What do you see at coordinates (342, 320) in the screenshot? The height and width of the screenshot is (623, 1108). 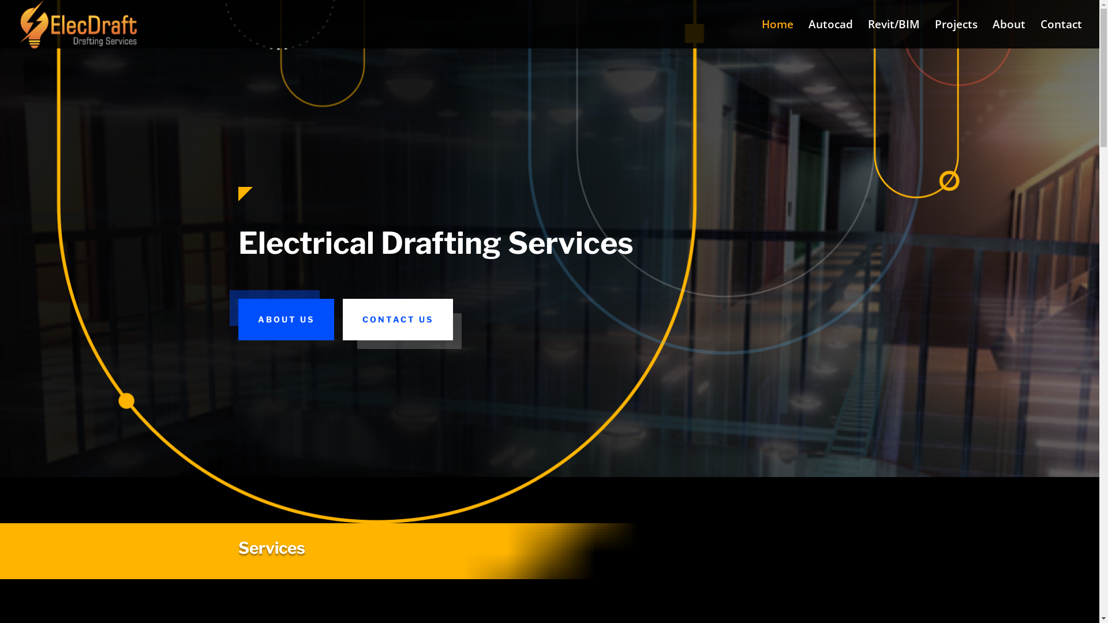 I see `'CONTACT US'` at bounding box center [342, 320].